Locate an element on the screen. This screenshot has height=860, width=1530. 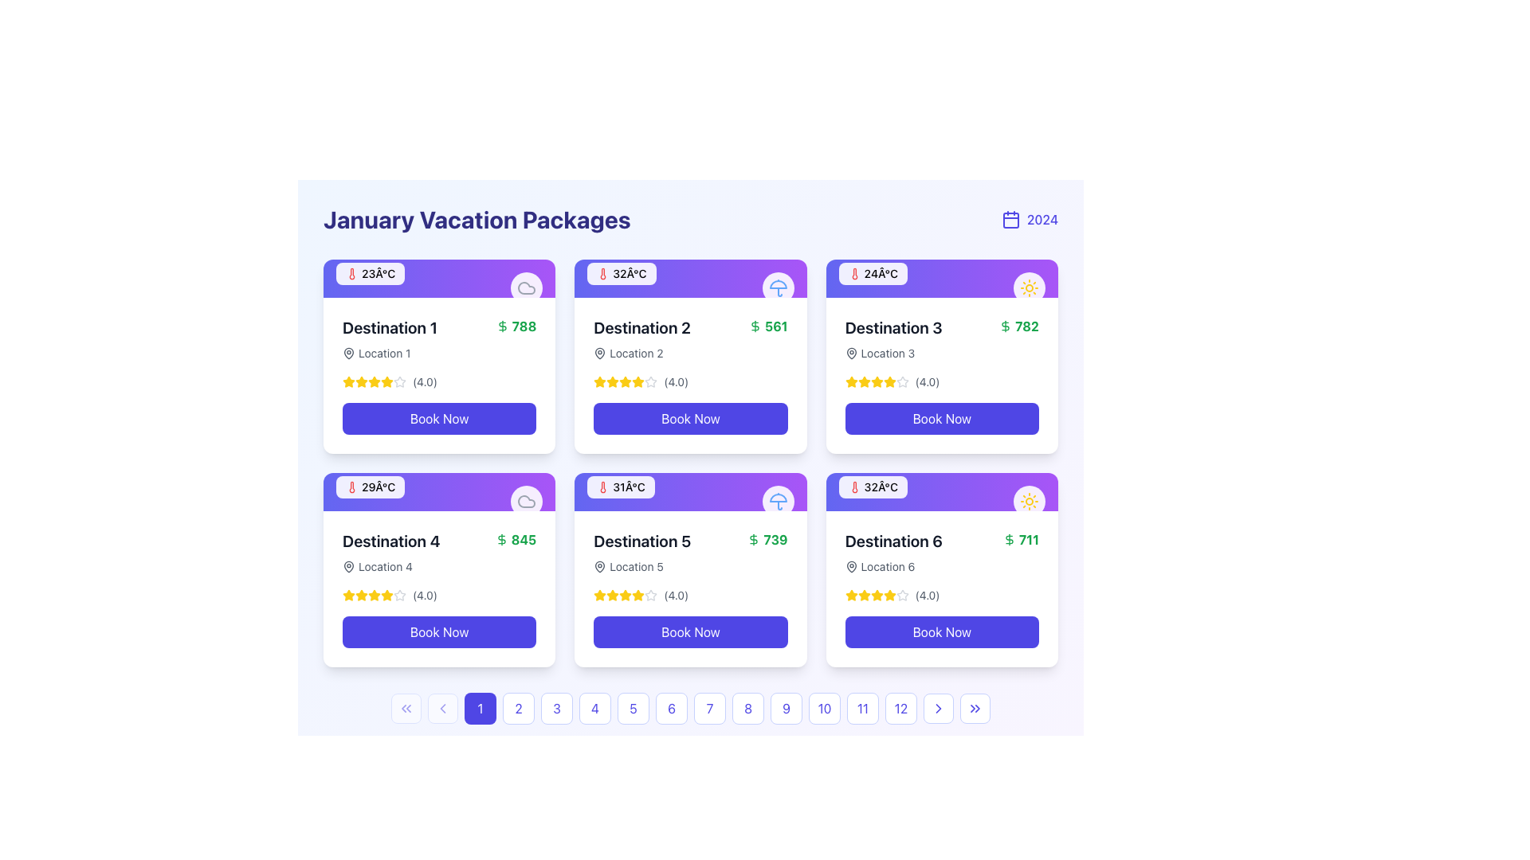
the 'Destination 6' text block with the accompanying map pin icon located in the bottom-right card of the vacation packages grid is located at coordinates (893, 552).